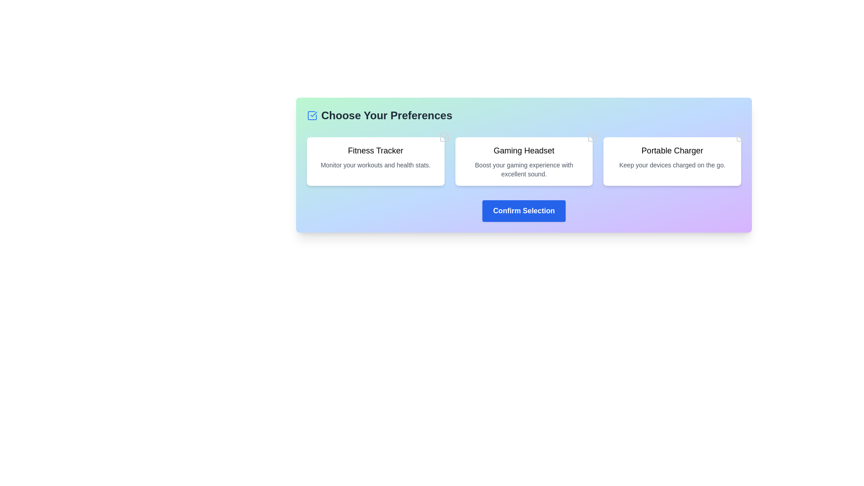  I want to click on the text label titled 'Fitness Tracker', which is styled with a large font size and bold weight, located at the top of its card on a pastel gradient background, so click(375, 150).